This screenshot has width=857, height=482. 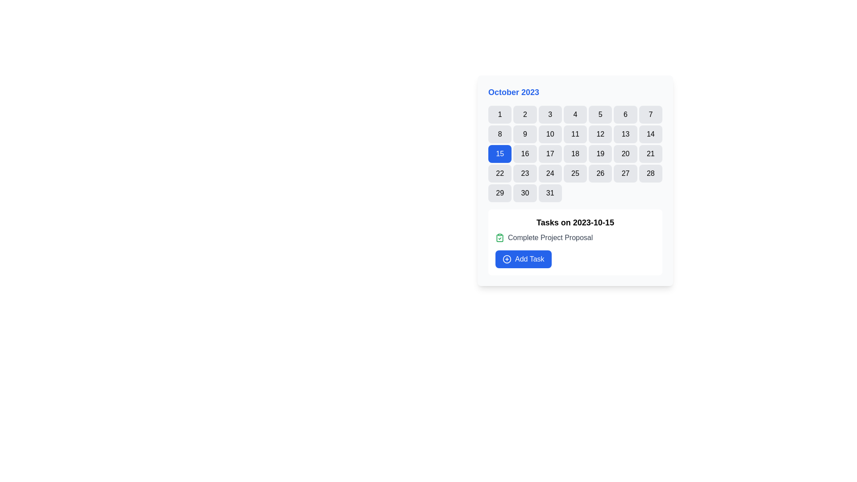 I want to click on the button representing the 10th day of October 2023 in the calendar to change its background color, so click(x=549, y=134).